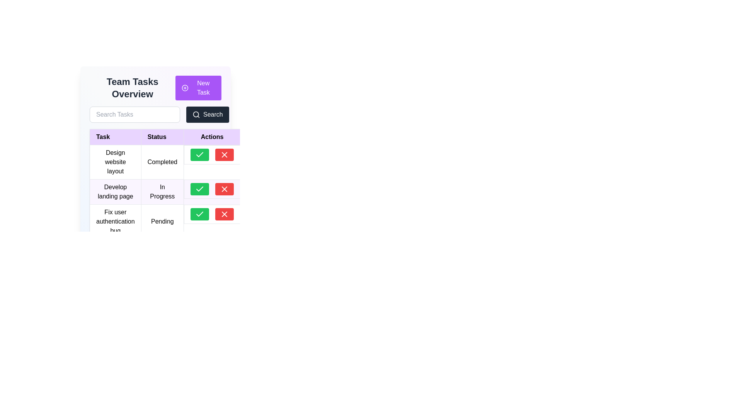 Image resolution: width=742 pixels, height=417 pixels. I want to click on the circular checkmark icon button in the Actions column of the third row to confirm the task 'Fix user authentication bug', so click(200, 214).